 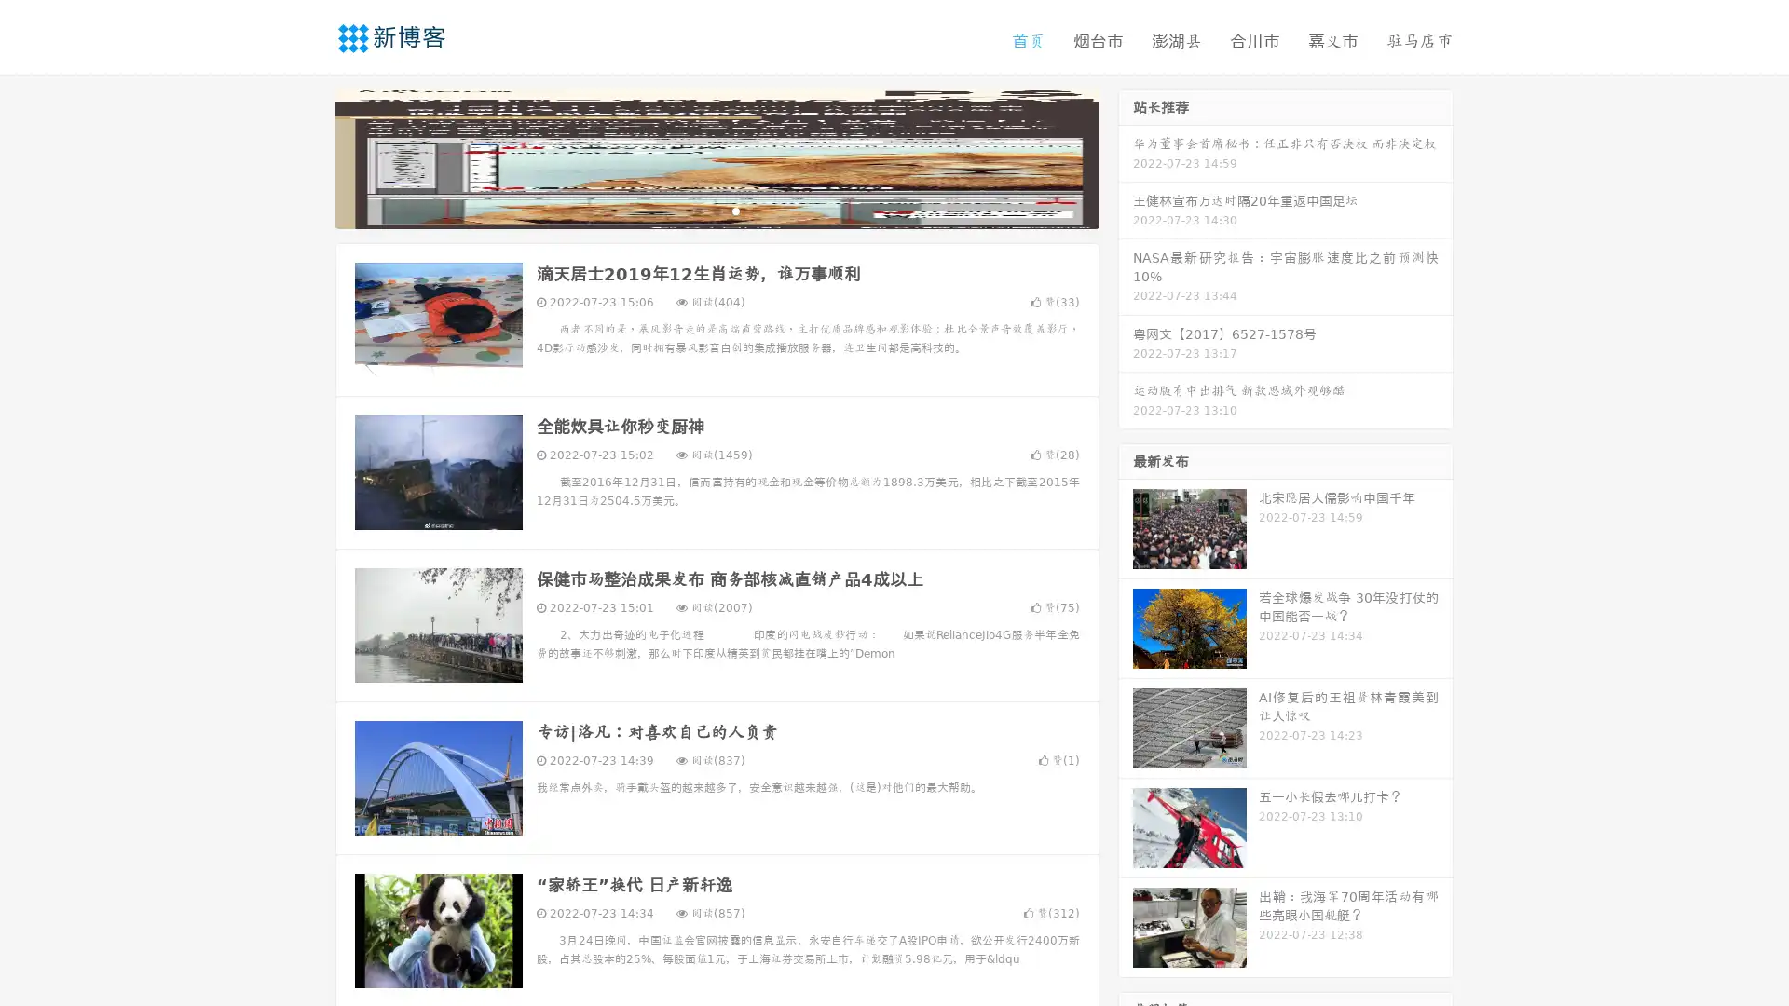 What do you see at coordinates (307, 156) in the screenshot?
I see `Previous slide` at bounding box center [307, 156].